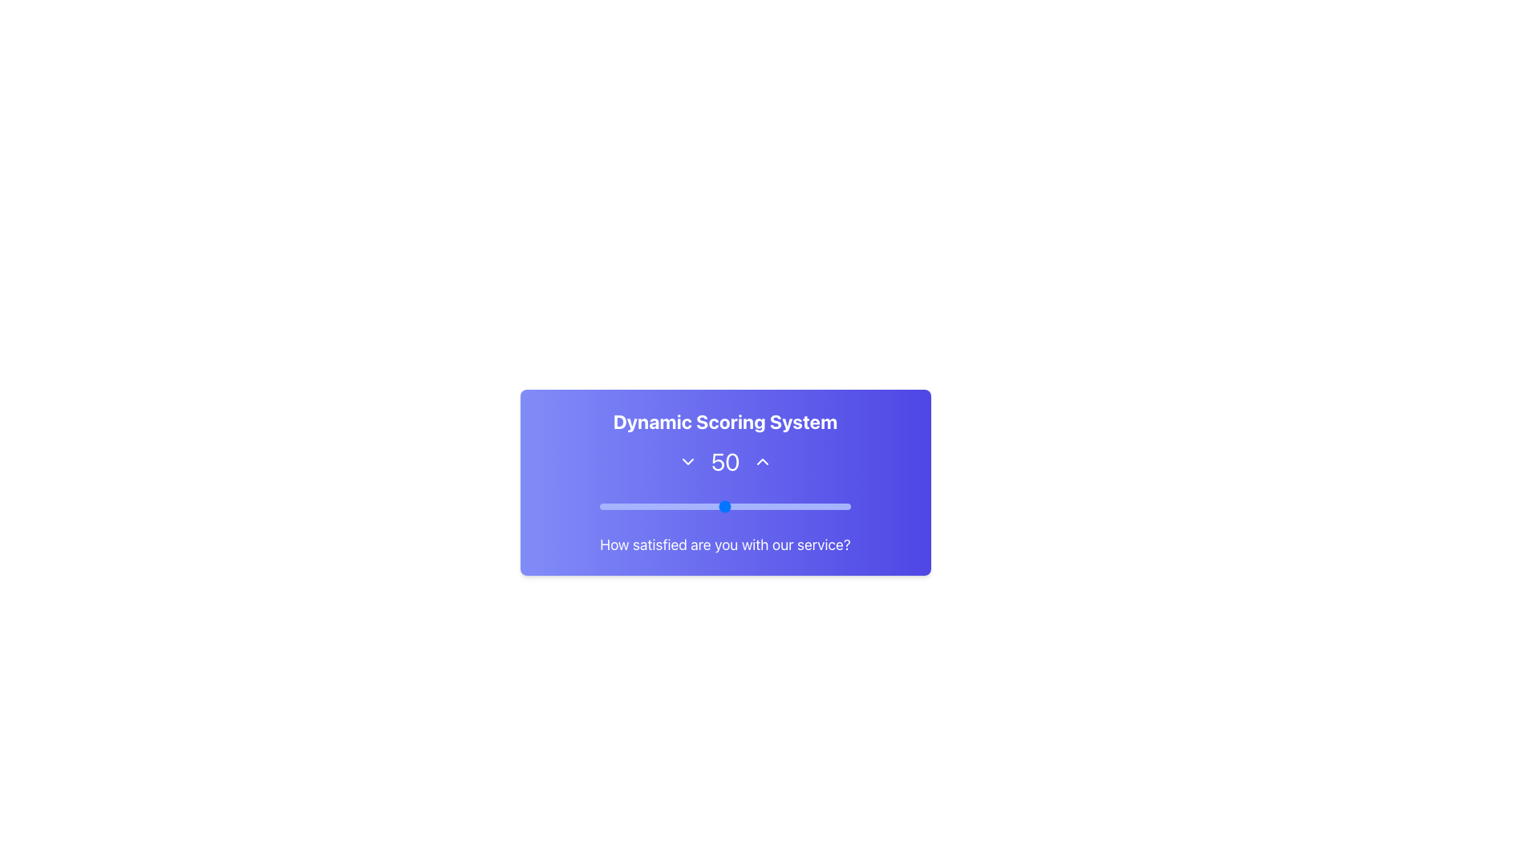 The width and height of the screenshot is (1540, 866). Describe the element at coordinates (688, 461) in the screenshot. I see `the Interactive Icon (Chevron Down) located to the left of the numeric display ('50') and above the horizontal slider` at that location.